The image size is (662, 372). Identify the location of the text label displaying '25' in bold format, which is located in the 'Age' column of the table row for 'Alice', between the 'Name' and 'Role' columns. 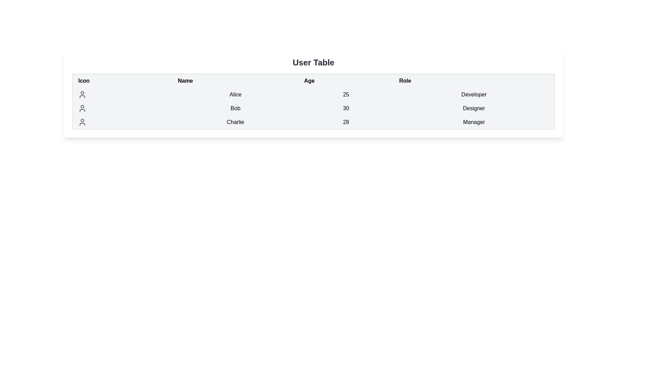
(346, 94).